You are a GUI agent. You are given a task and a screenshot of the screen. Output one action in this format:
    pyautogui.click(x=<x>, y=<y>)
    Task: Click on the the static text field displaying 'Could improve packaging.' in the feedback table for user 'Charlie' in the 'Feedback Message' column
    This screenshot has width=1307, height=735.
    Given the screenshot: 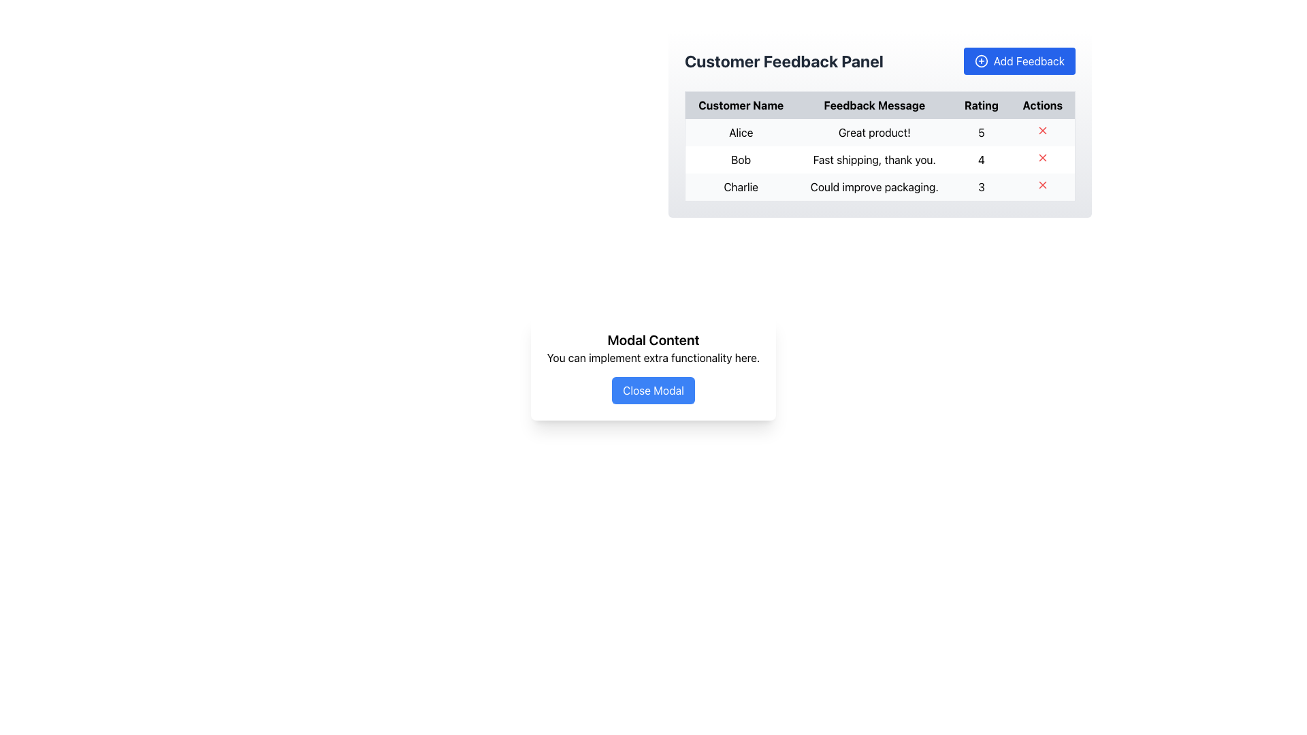 What is the action you would take?
    pyautogui.click(x=874, y=187)
    